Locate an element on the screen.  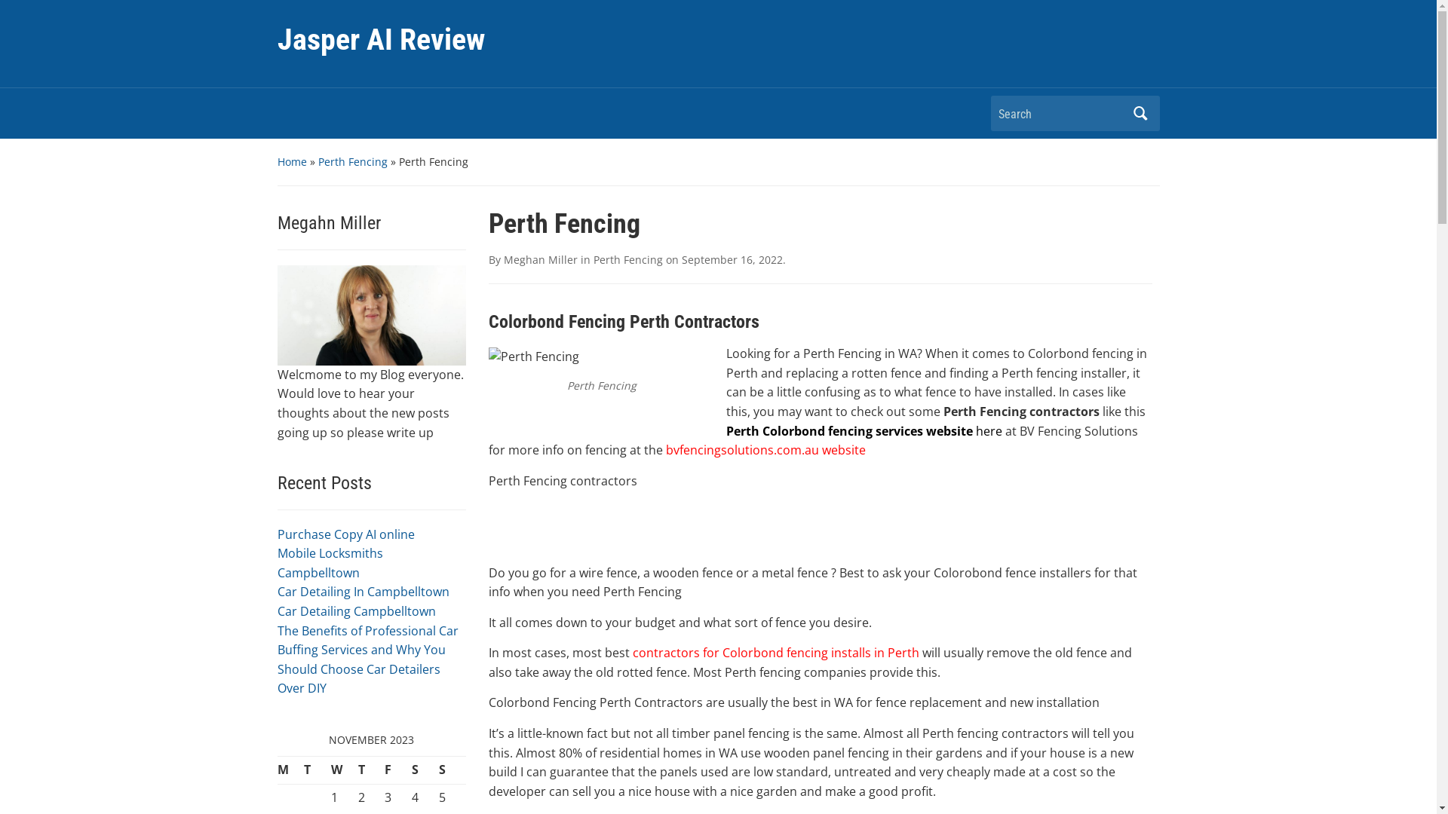
'September 16, 2022' is located at coordinates (680, 259).